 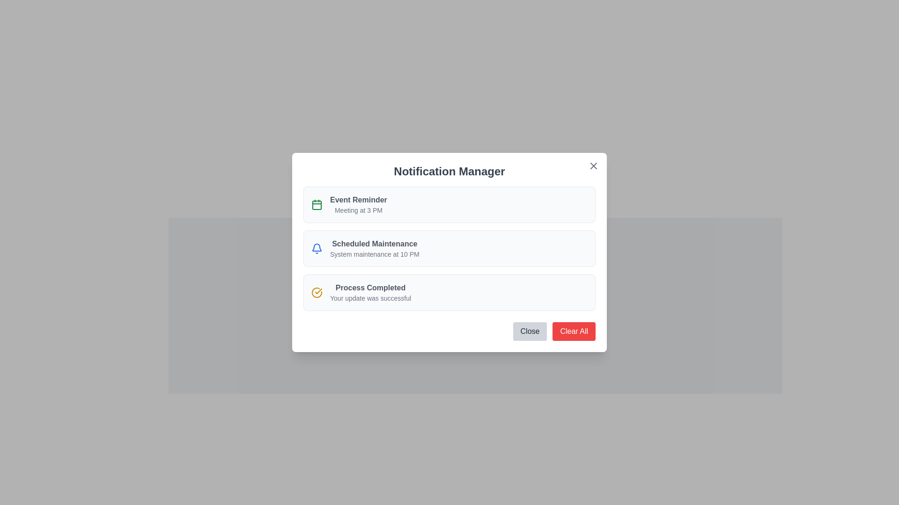 I want to click on the Text label displaying the notification's title and details within the first notification card of the 'Notification Manager' dialog box, so click(x=358, y=204).